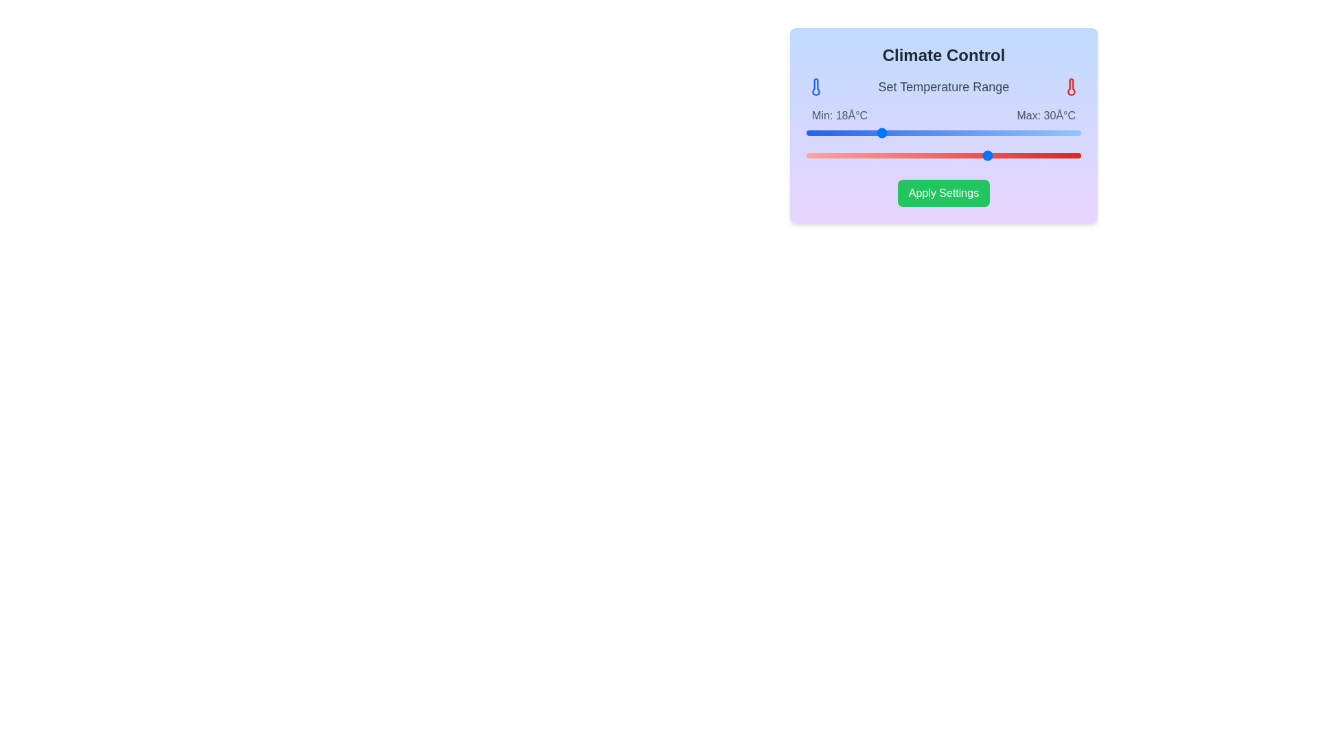  What do you see at coordinates (943, 155) in the screenshot?
I see `the maximum temperature range to 25°C using the right slider` at bounding box center [943, 155].